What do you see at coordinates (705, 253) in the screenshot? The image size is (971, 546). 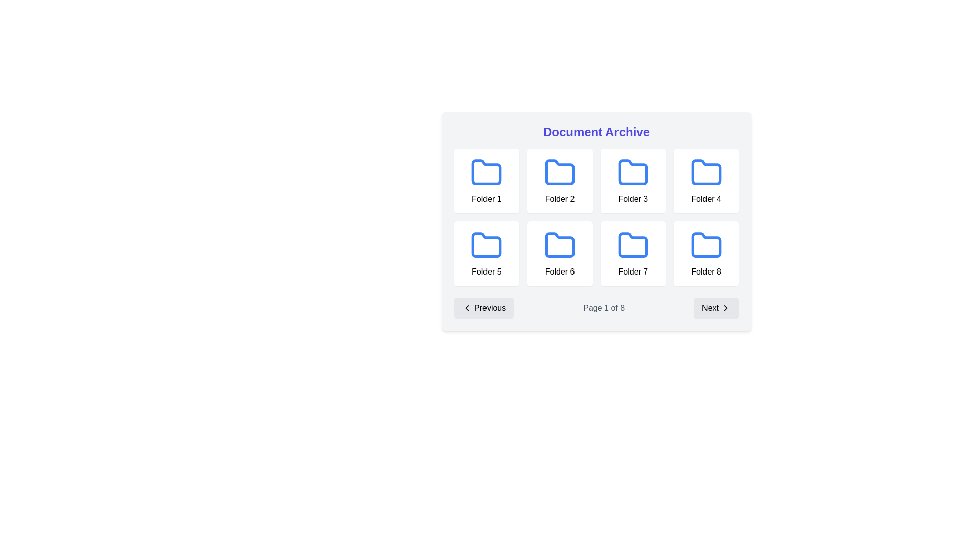 I see `the folder icon labeled as 'Folder 8', located in the fourth position on the second row of the folder display grid` at bounding box center [705, 253].